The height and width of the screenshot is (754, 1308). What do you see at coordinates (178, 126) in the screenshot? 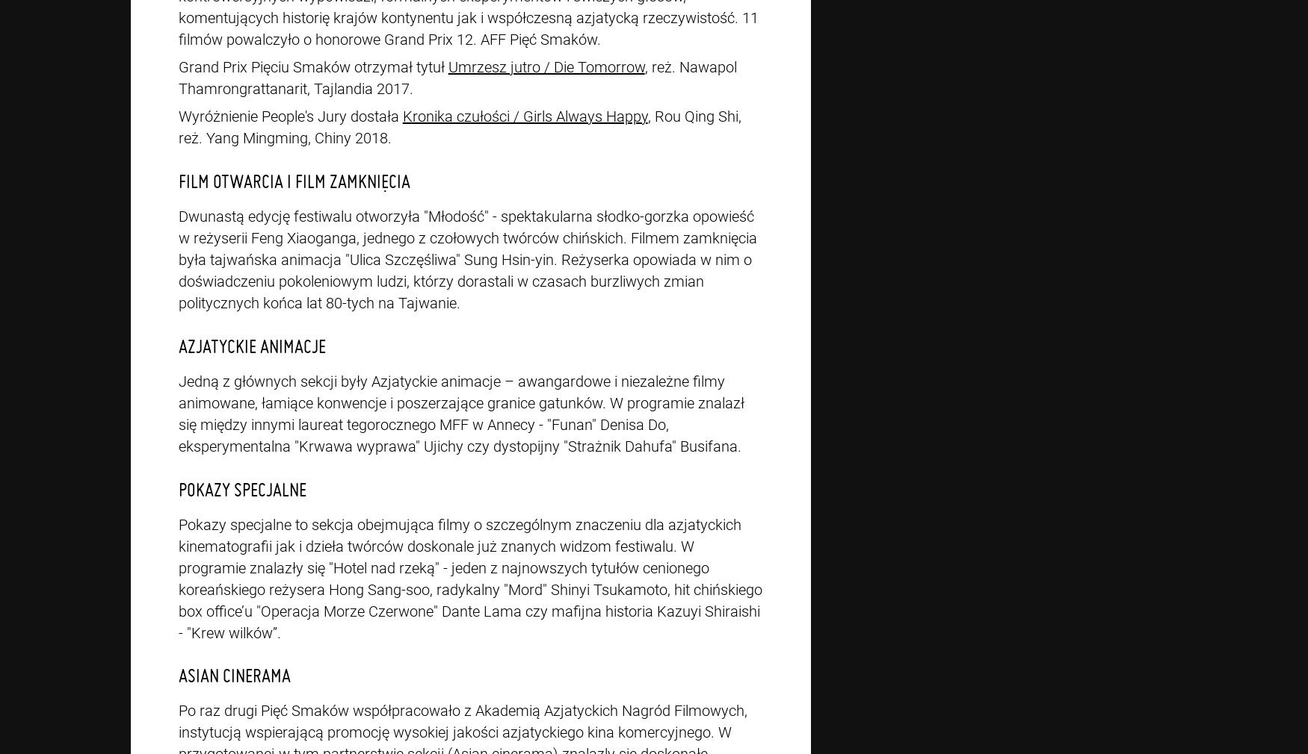
I see `', Rou Qing Shi, reż. Yang Mingming, Chiny 2018.'` at bounding box center [178, 126].